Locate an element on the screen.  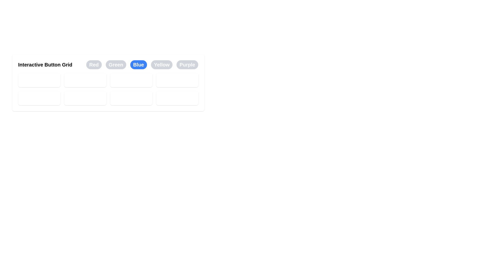
the interactive button located in the top-left position of the grid layout to interact with it is located at coordinates (39, 80).